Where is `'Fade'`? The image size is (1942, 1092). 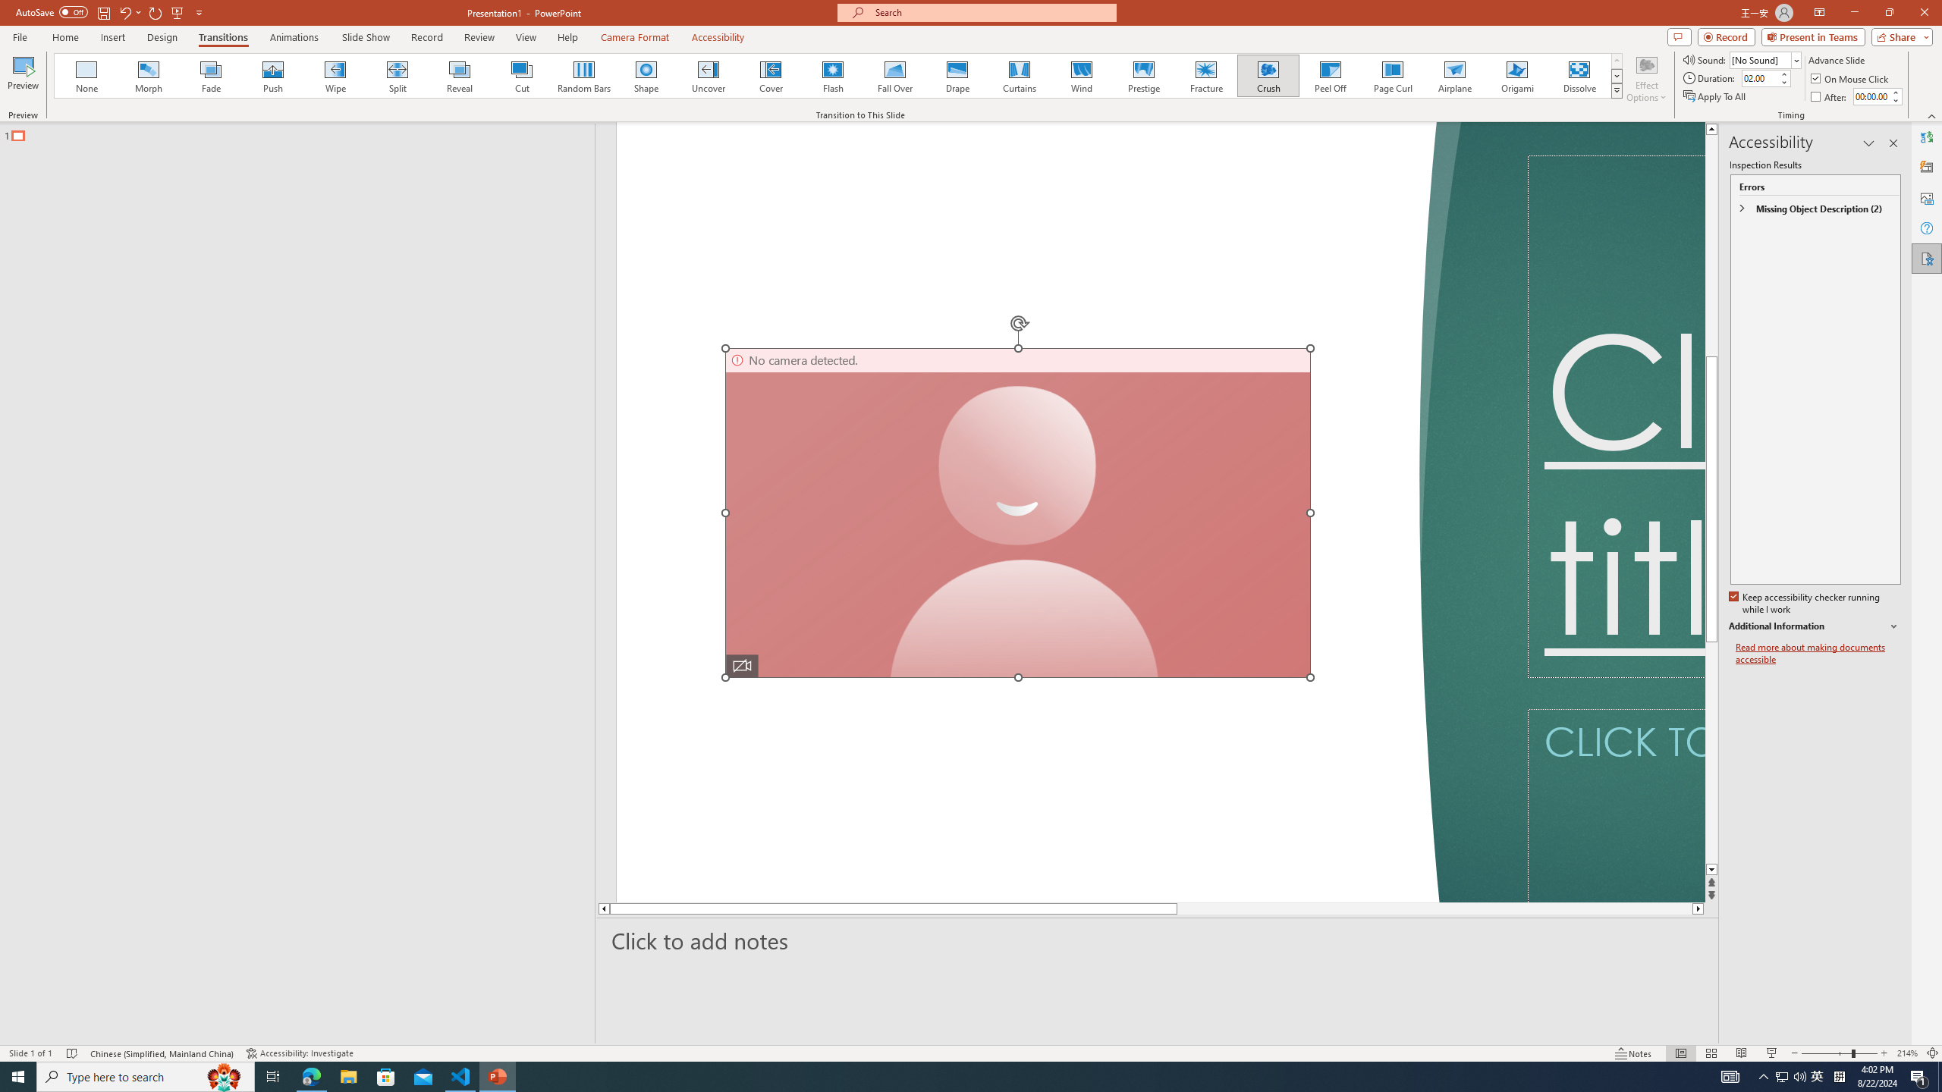
'Fade' is located at coordinates (211, 75).